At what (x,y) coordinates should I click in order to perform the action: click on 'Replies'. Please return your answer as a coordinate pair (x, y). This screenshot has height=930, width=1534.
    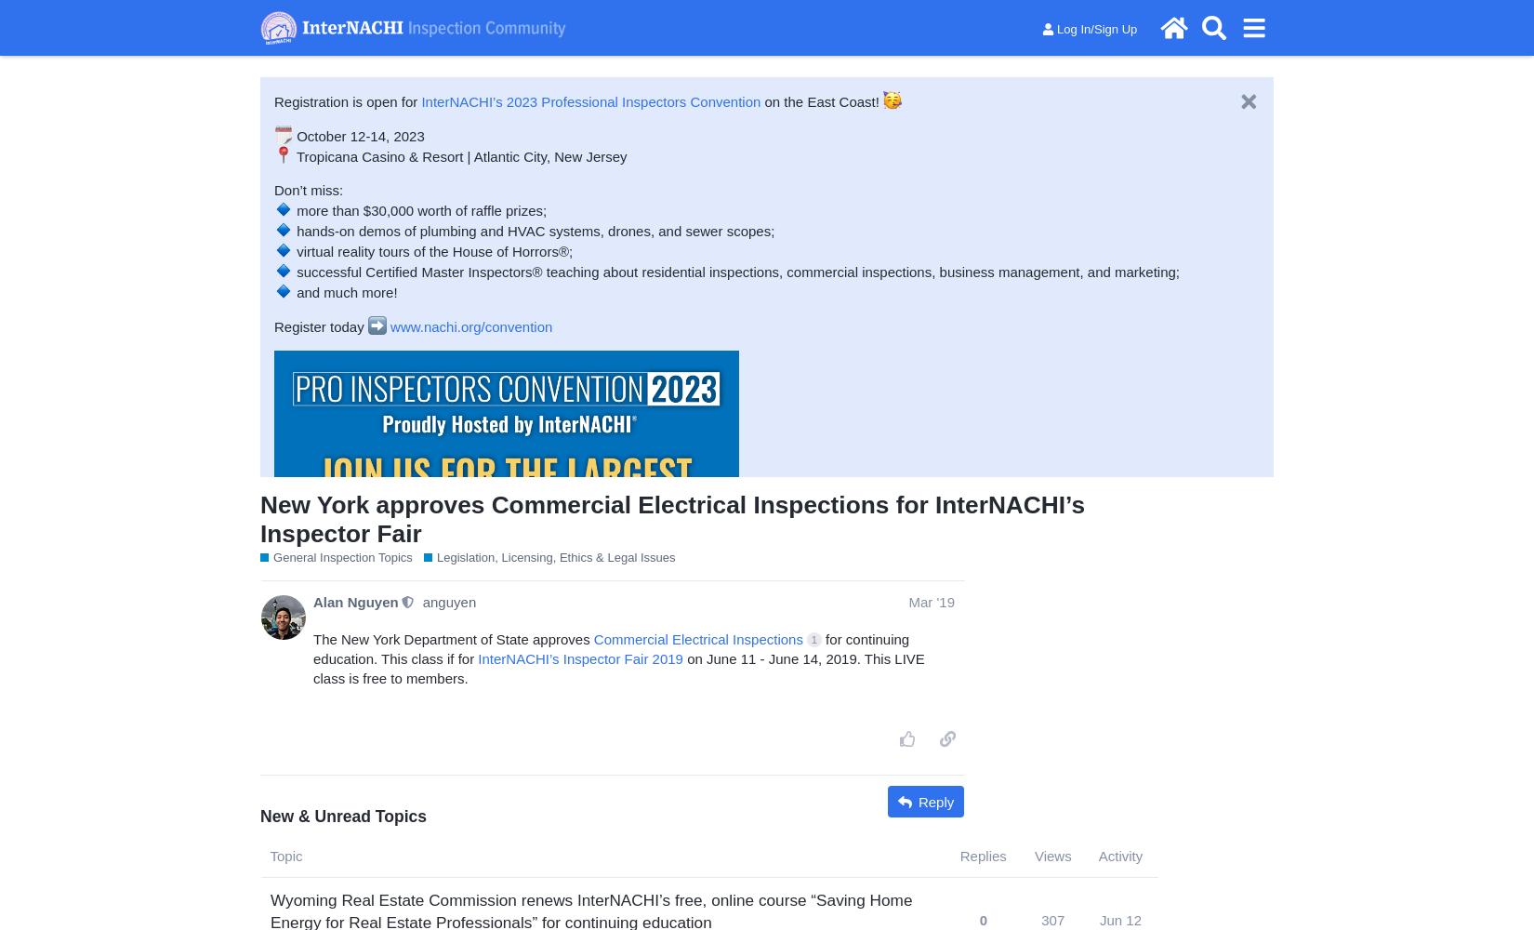
    Looking at the image, I should click on (982, 856).